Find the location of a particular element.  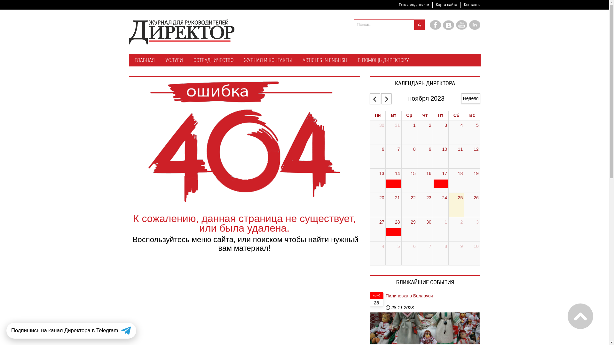

'23' is located at coordinates (429, 198).